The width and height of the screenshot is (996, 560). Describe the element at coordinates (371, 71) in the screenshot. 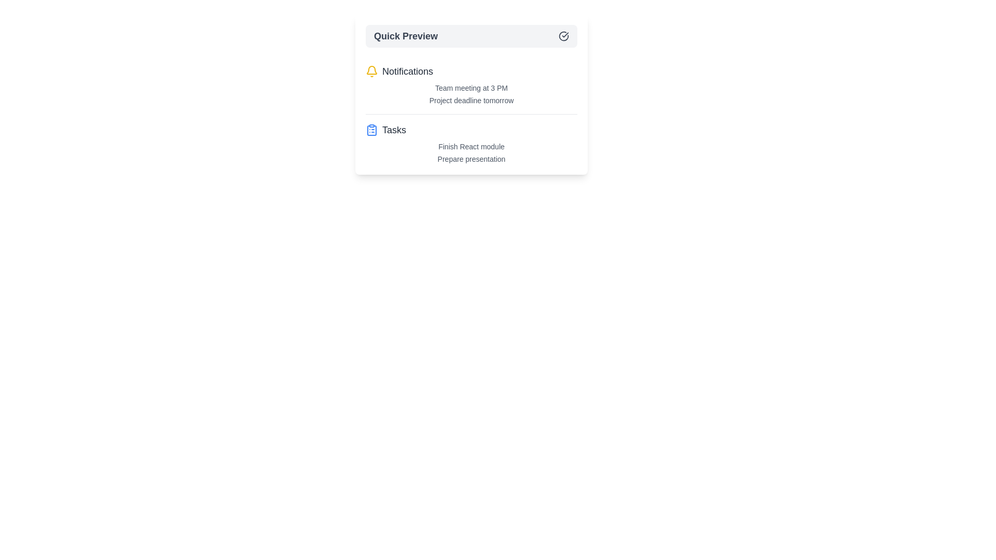

I see `the icon next to the Notifications category` at that location.